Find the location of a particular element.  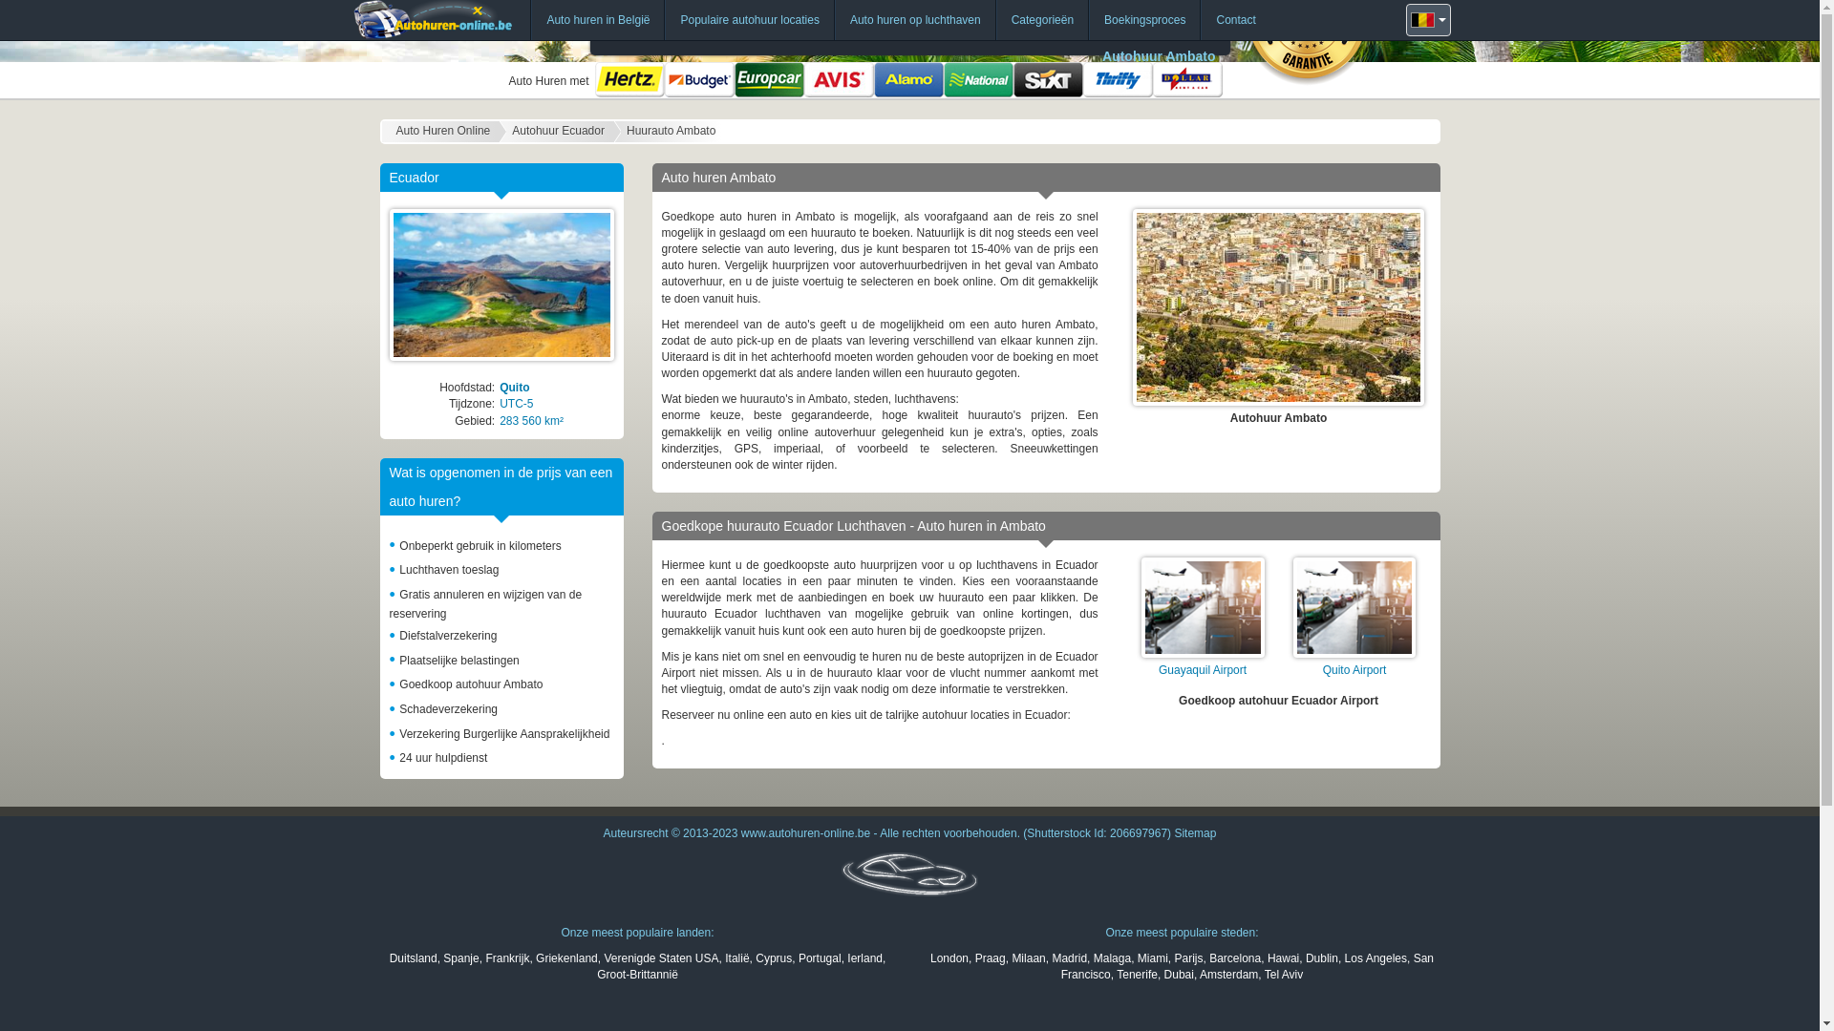

'Boekingsproces' is located at coordinates (1144, 19).